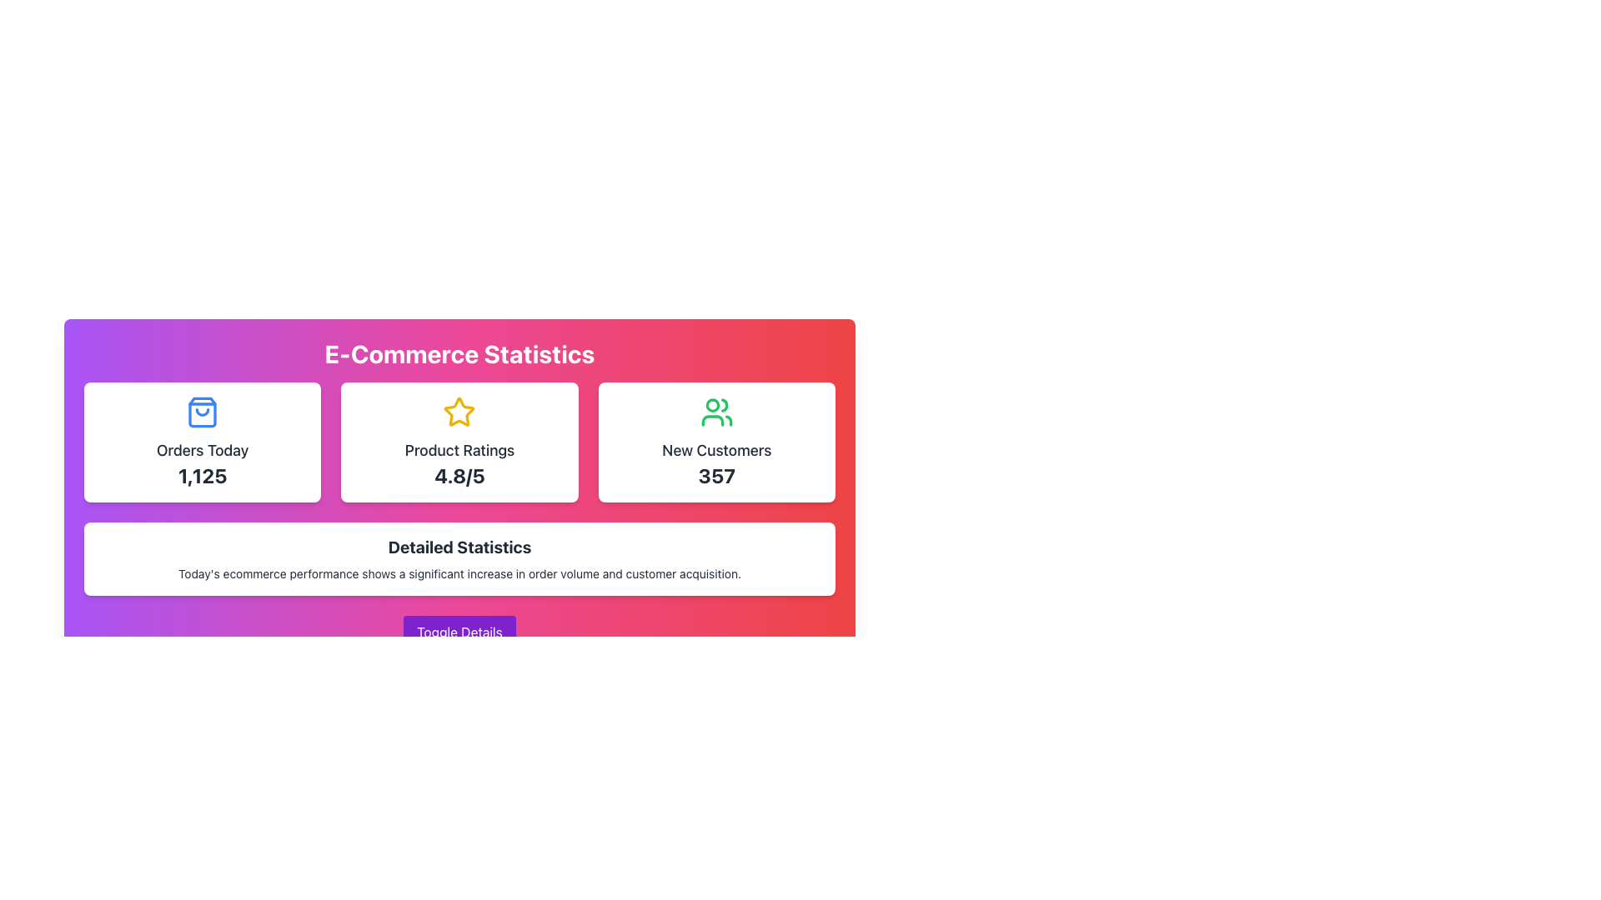 The height and width of the screenshot is (900, 1601). I want to click on the text label displaying 'Detailed Statistics' for accessibility tools, so click(459, 547).